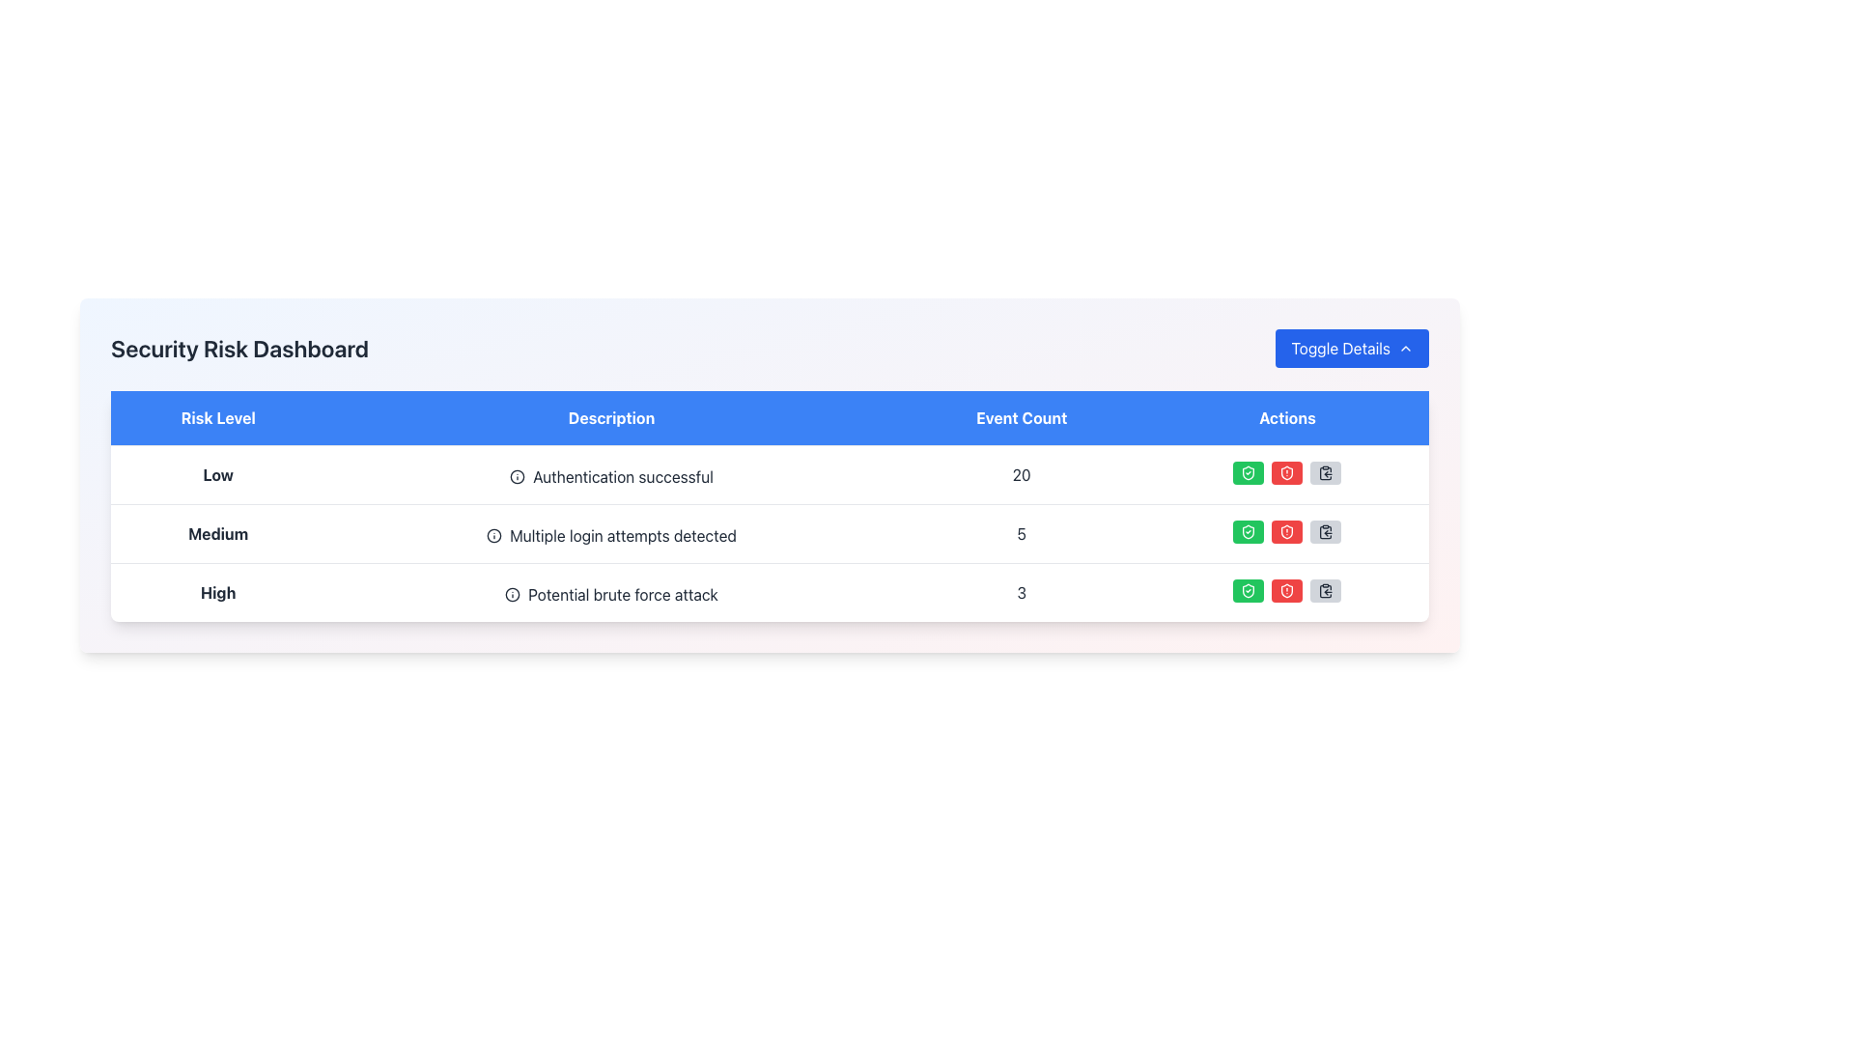  What do you see at coordinates (1287, 417) in the screenshot?
I see `the Text label in the fourth column header of the table, which designates the column for actions related to the rows, located to the right of the 'Event Count' header` at bounding box center [1287, 417].